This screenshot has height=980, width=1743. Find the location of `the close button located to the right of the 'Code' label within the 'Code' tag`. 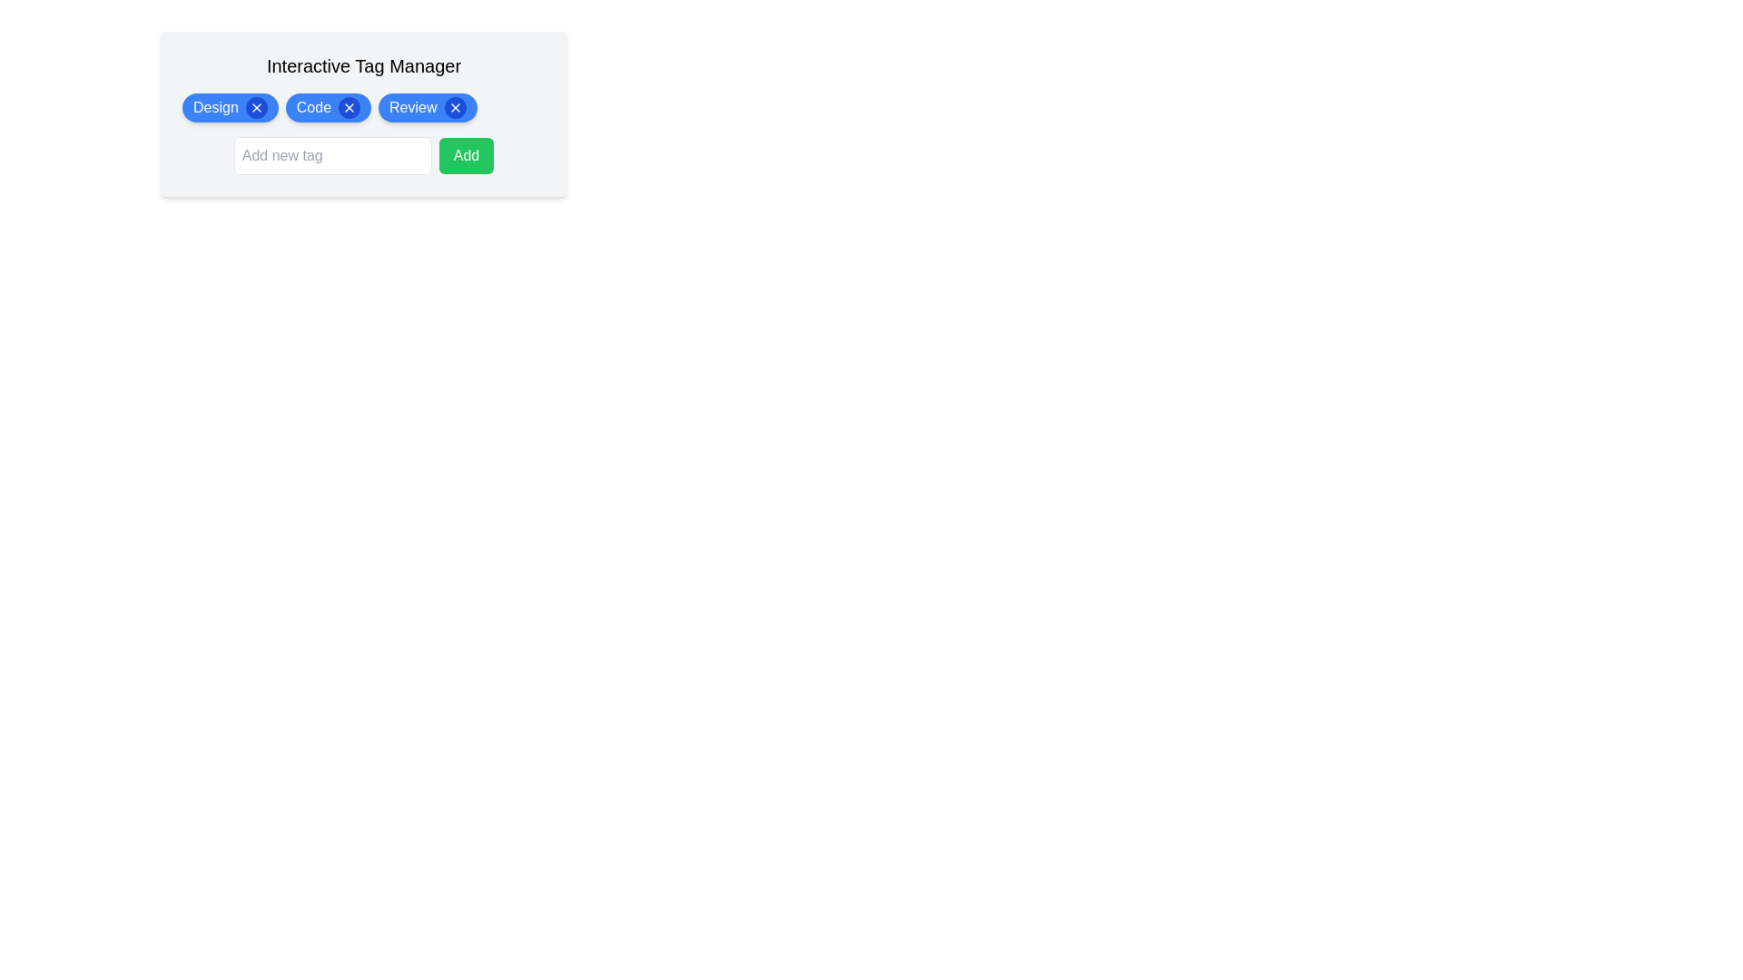

the close button located to the right of the 'Code' label within the 'Code' tag is located at coordinates (350, 108).